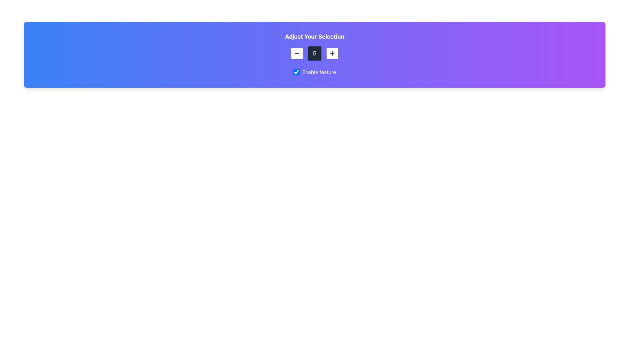 The height and width of the screenshot is (348, 619). What do you see at coordinates (296, 72) in the screenshot?
I see `the checkbox located to the left of the text 'Enable feature'` at bounding box center [296, 72].